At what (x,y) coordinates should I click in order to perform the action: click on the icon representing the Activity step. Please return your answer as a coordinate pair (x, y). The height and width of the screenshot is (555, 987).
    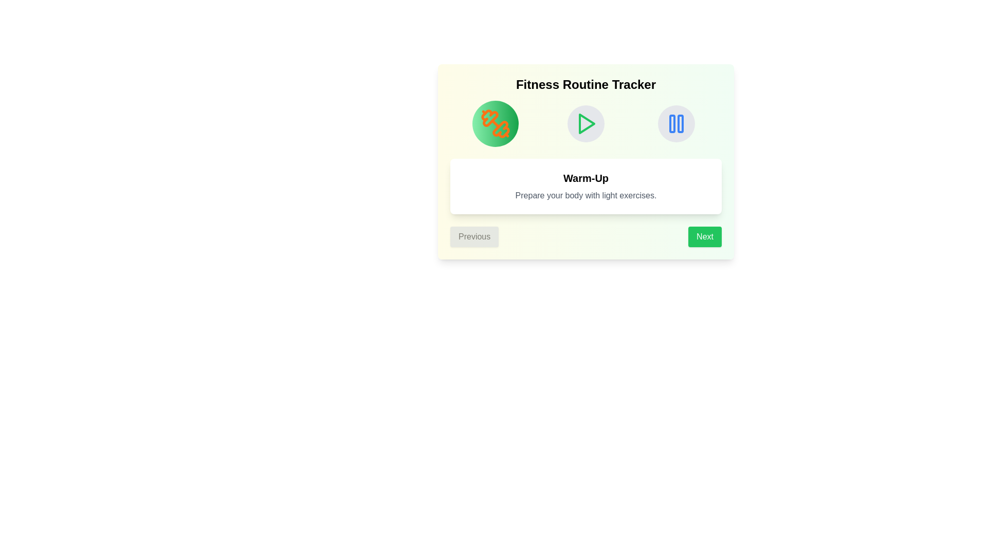
    Looking at the image, I should click on (586, 123).